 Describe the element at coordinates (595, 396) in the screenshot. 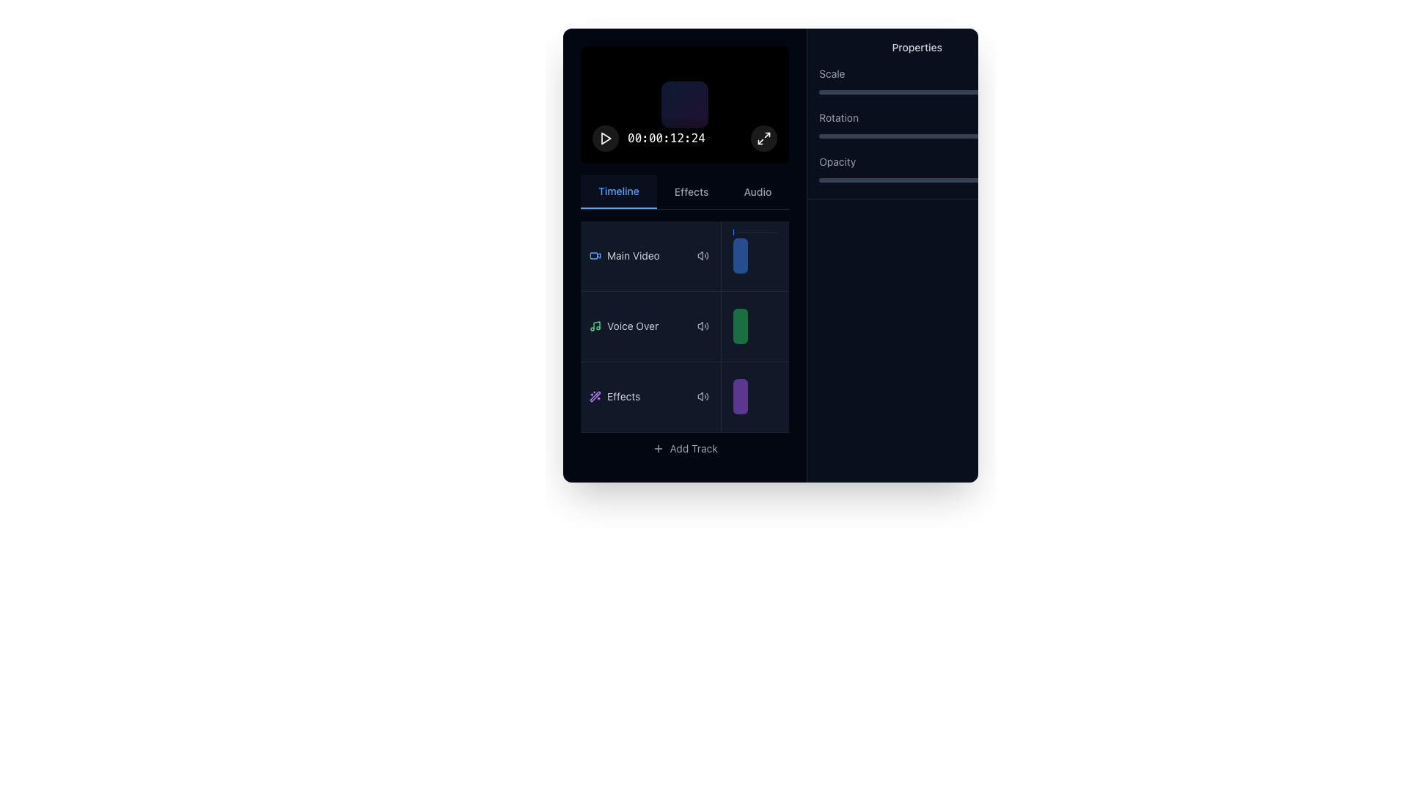

I see `the magical effects icon located in the Effects section of the timeline panel, near the magic wand icon` at that location.